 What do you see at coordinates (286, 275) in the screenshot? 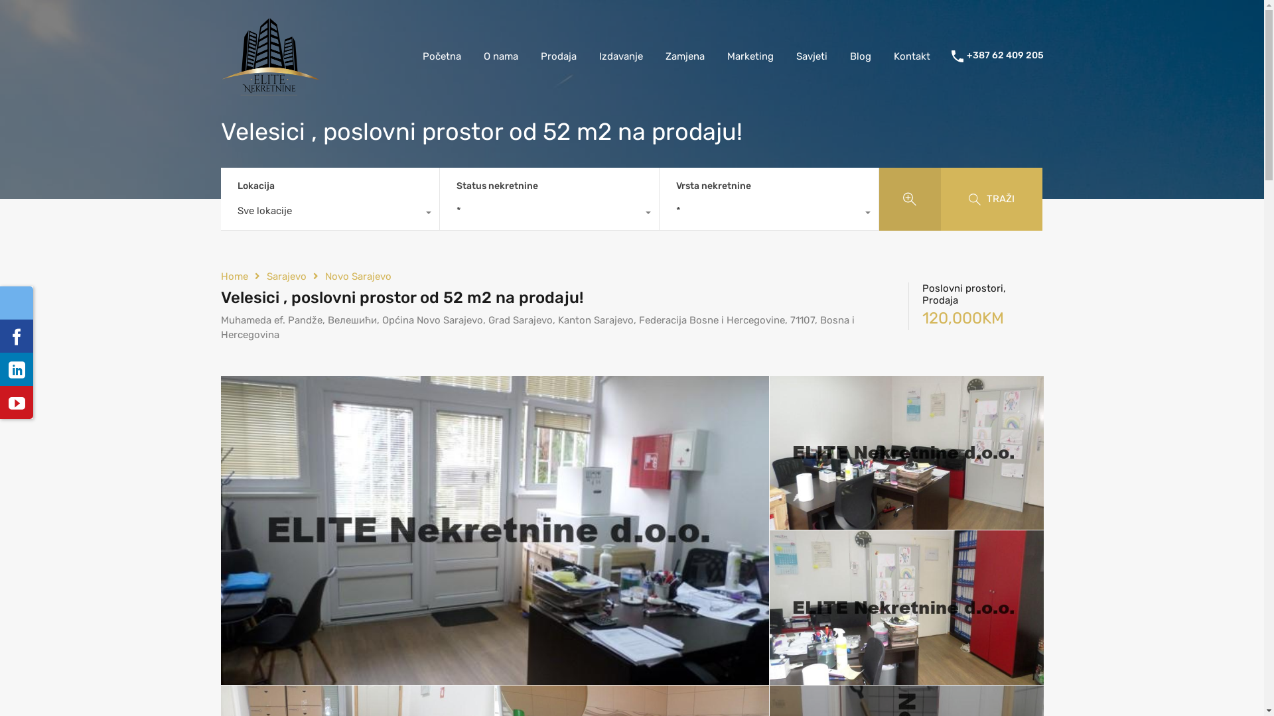
I see `'Sarajevo'` at bounding box center [286, 275].